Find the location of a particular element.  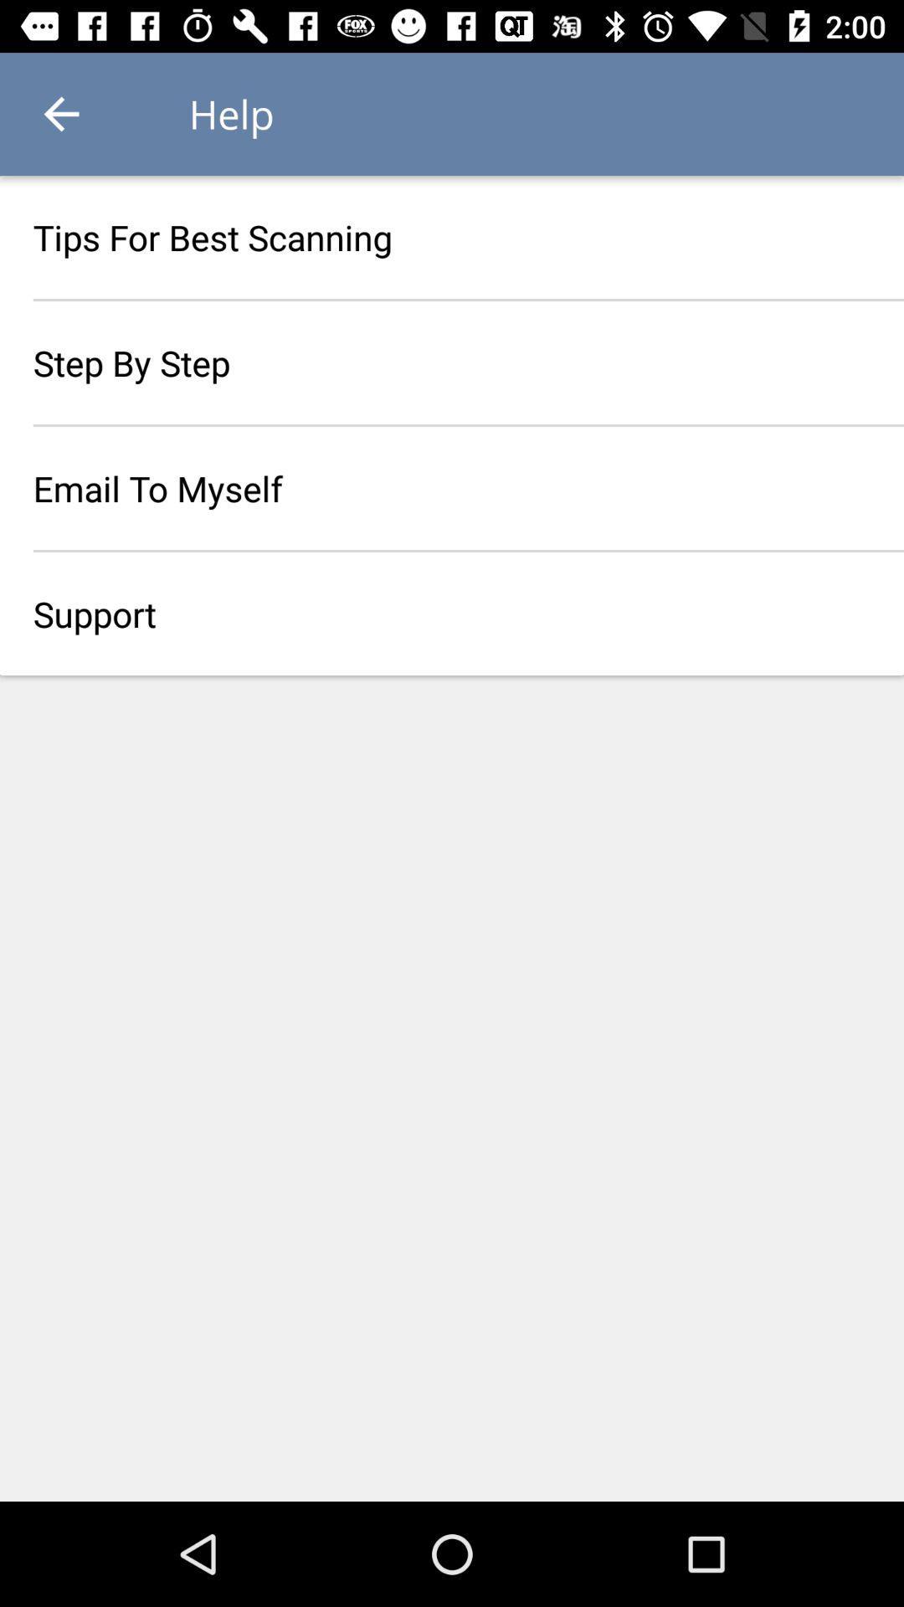

the email to myself item is located at coordinates (452, 487).